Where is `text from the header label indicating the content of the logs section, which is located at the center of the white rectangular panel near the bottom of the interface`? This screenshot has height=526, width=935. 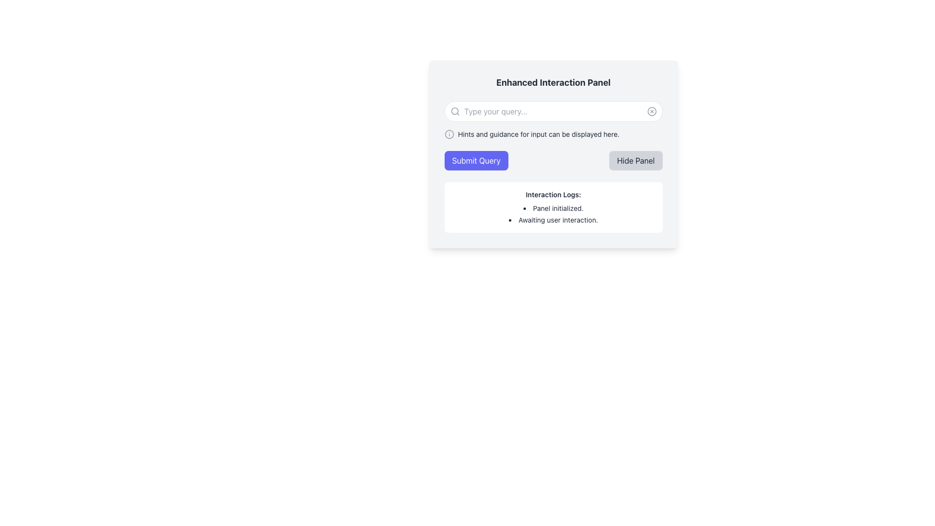 text from the header label indicating the content of the logs section, which is located at the center of the white rectangular panel near the bottom of the interface is located at coordinates (553, 195).